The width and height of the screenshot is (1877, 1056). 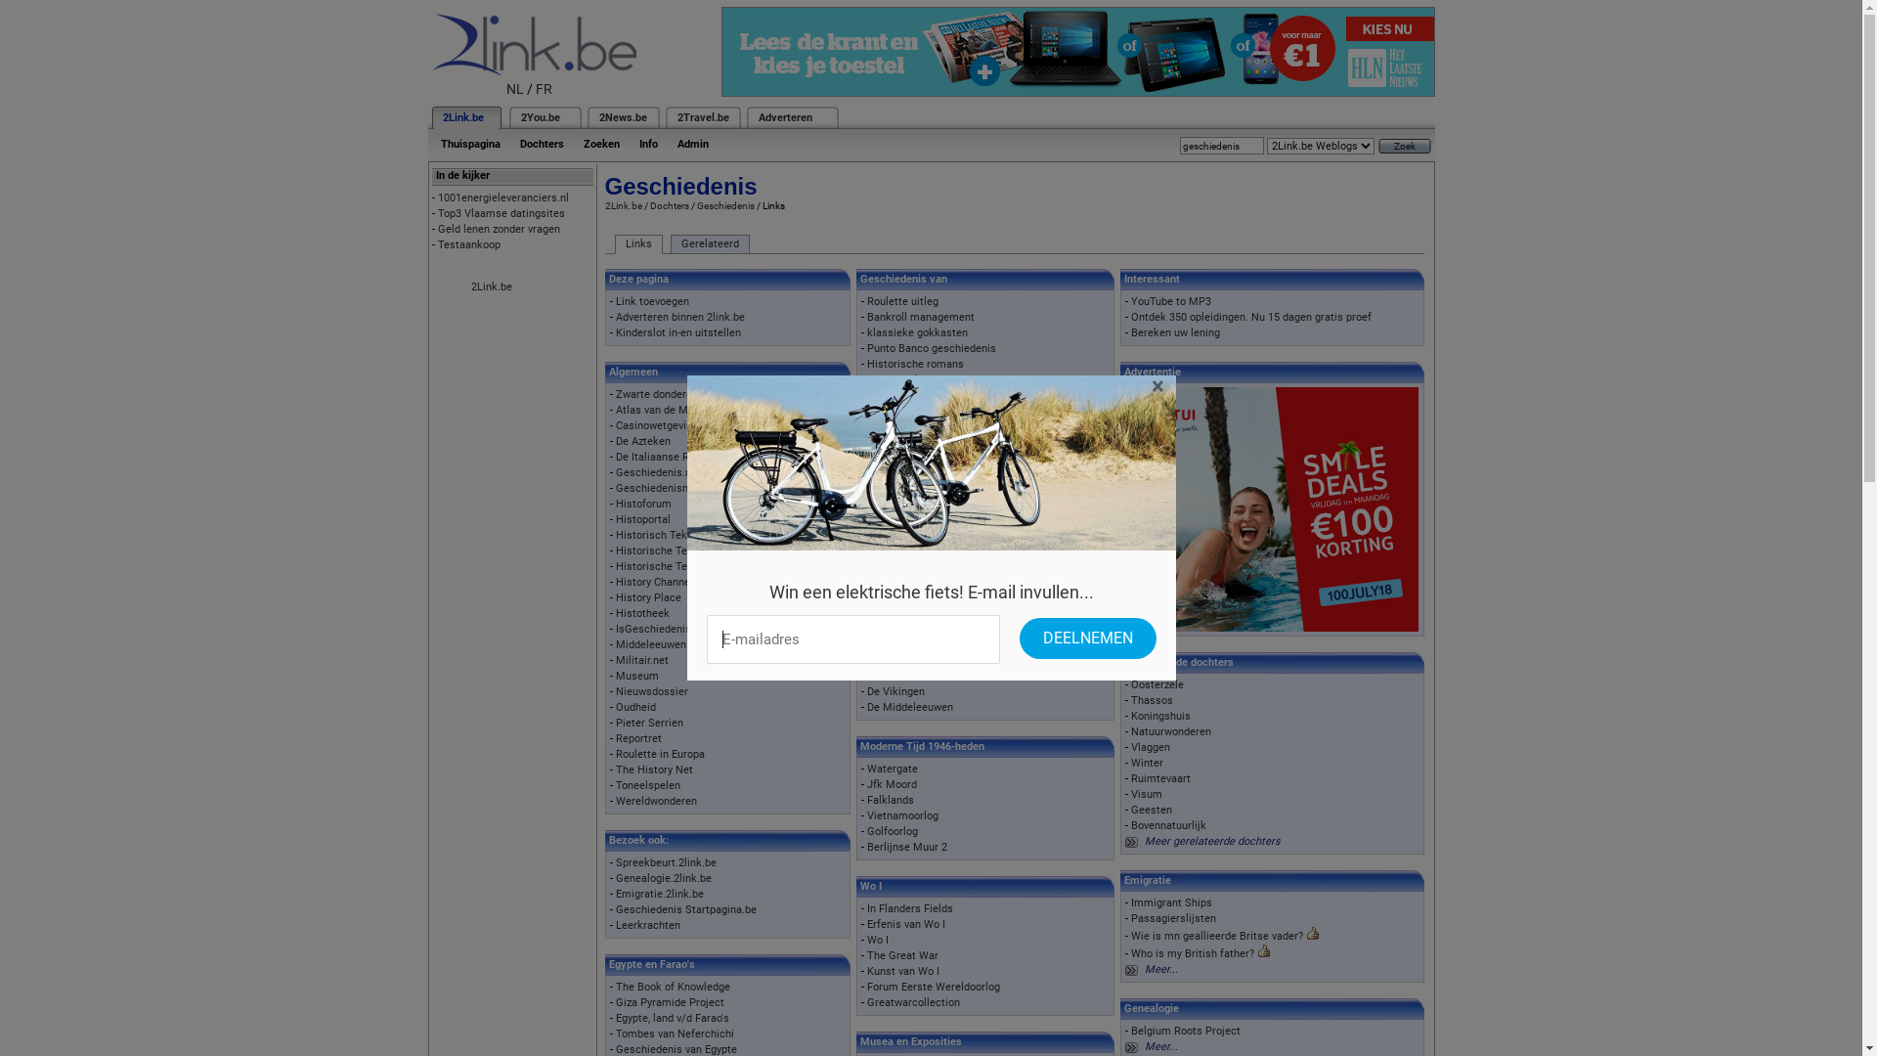 I want to click on 'Ruimtevaart', so click(x=1160, y=777).